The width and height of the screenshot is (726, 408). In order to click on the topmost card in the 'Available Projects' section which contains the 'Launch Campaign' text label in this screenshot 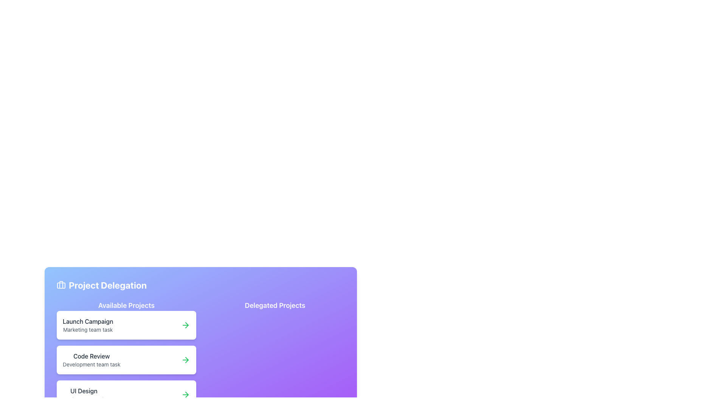, I will do `click(88, 325)`.